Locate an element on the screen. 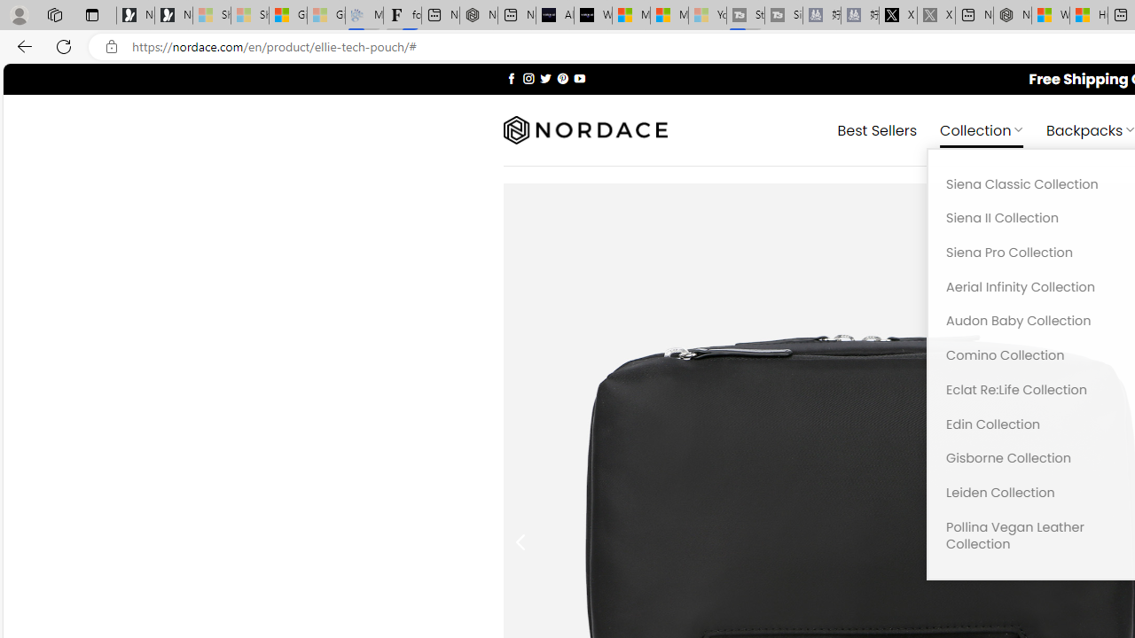  'Personal Profile' is located at coordinates (19, 14).